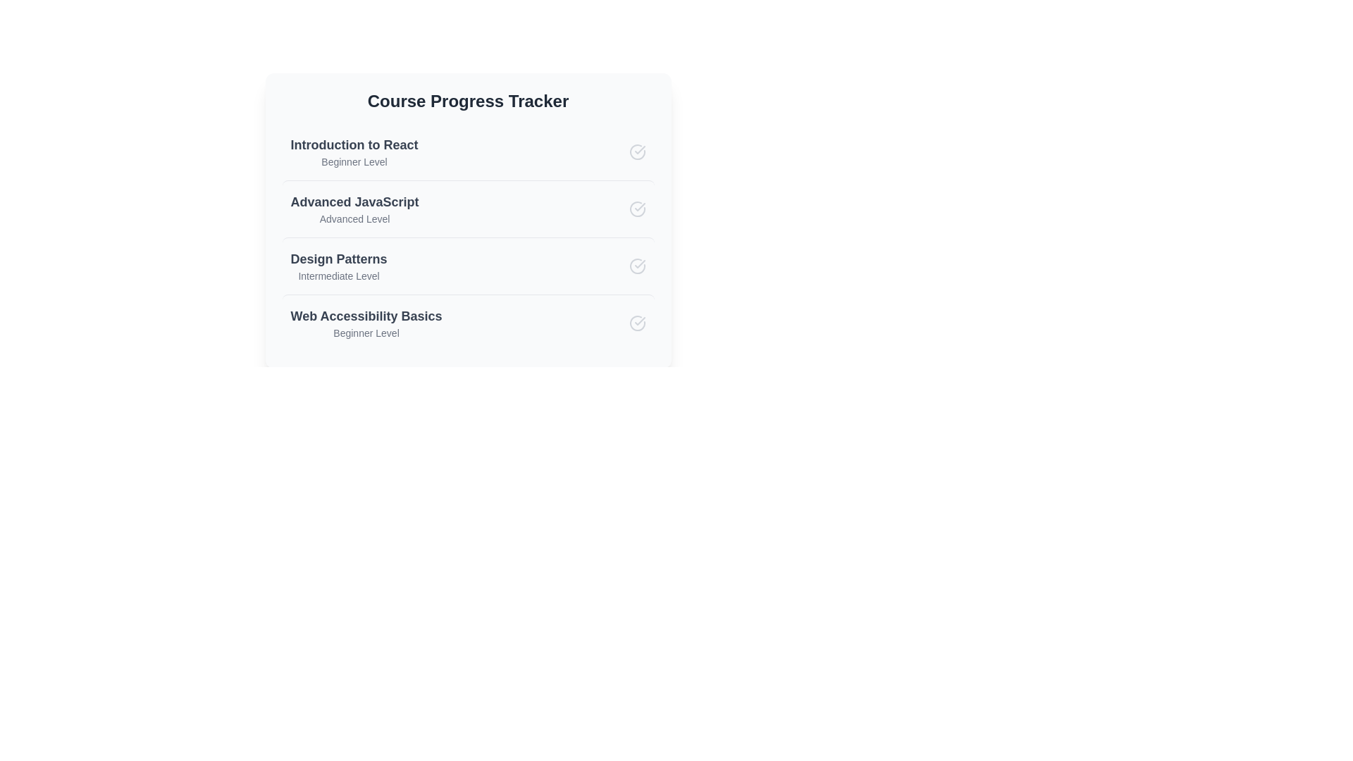 The height and width of the screenshot is (761, 1353). Describe the element at coordinates (338, 266) in the screenshot. I see `text displayed in the Text Display element that shows the title and difficulty level of the course 'Design Patterns', located between 'Advanced JavaScript' and 'Web Accessibility Basics' under the 'Course Progress Tracker'` at that location.